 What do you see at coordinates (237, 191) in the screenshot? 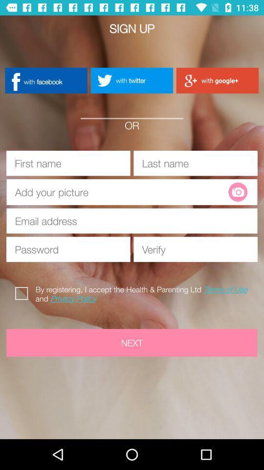
I see `the photo icon` at bounding box center [237, 191].